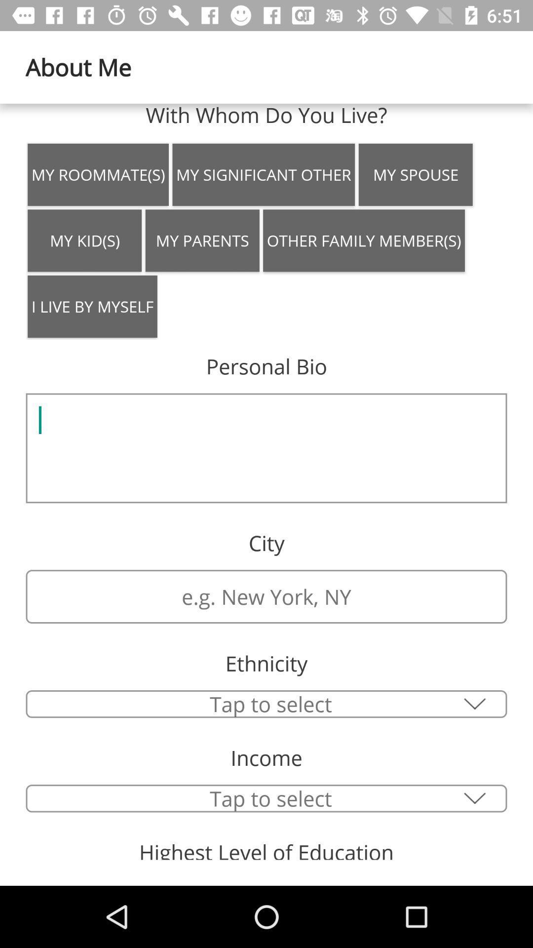  Describe the element at coordinates (416, 175) in the screenshot. I see `my spouse icon` at that location.